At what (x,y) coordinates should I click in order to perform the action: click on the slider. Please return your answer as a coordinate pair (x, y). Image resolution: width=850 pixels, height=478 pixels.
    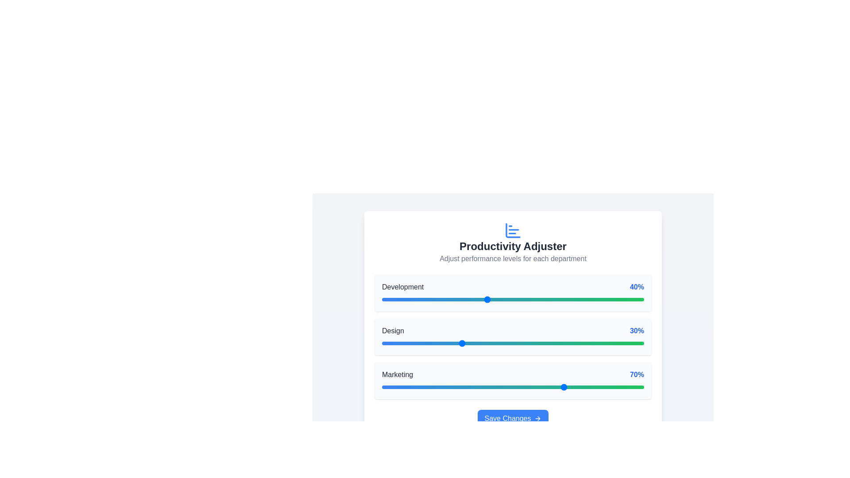
    Looking at the image, I should click on (602, 343).